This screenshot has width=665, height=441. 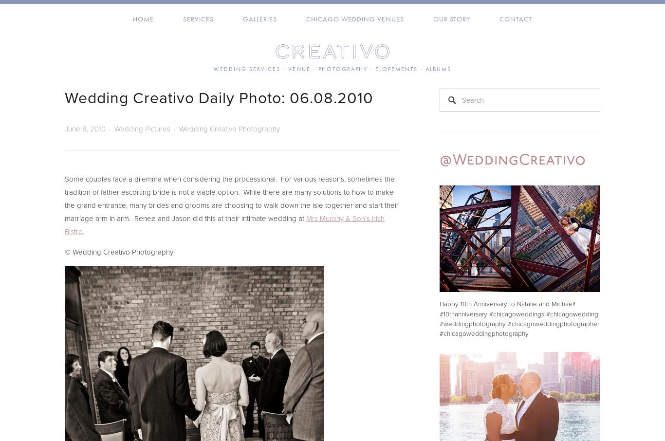 I want to click on 'Happy 10th Anniversary to Natalie and Michael! #10thanniversary #chicagoweddings #chicagowedding #weddingphotography #chicagoweddingphotographer #chicagoweddingphotography', so click(x=518, y=318).